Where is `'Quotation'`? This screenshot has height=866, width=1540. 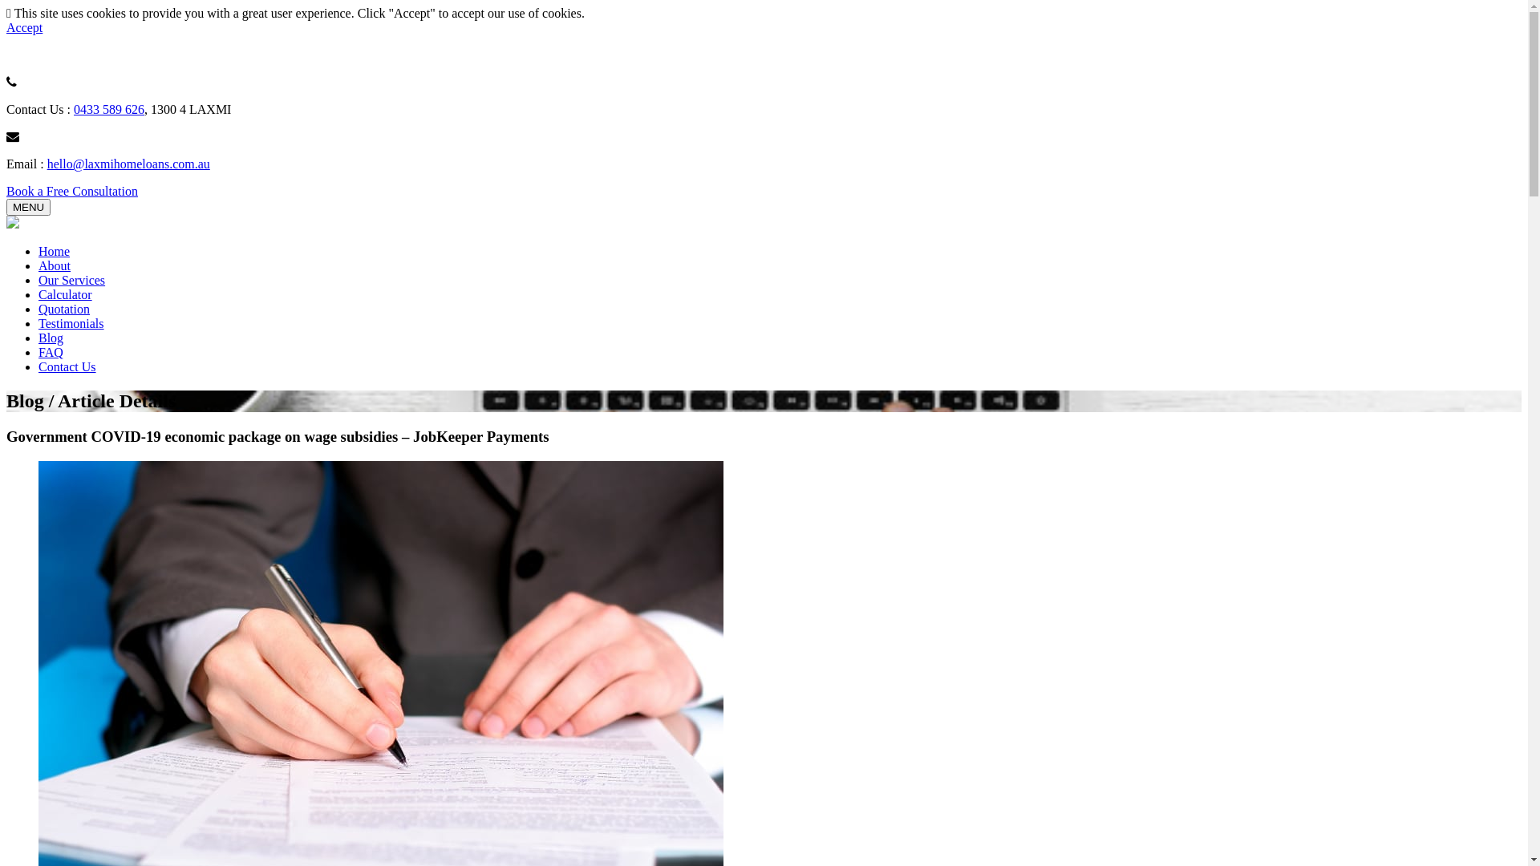 'Quotation' is located at coordinates (64, 309).